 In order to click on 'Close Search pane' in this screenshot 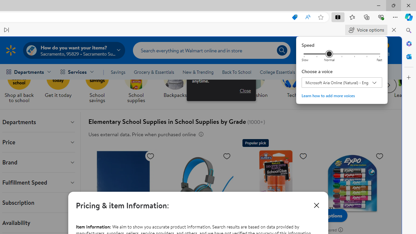, I will do `click(409, 31)`.